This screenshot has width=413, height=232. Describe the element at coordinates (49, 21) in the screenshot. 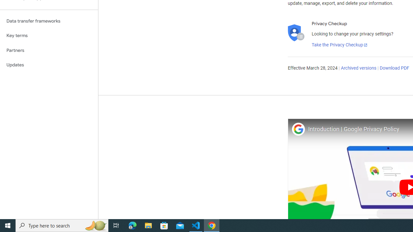

I see `'Data transfer frameworks'` at that location.